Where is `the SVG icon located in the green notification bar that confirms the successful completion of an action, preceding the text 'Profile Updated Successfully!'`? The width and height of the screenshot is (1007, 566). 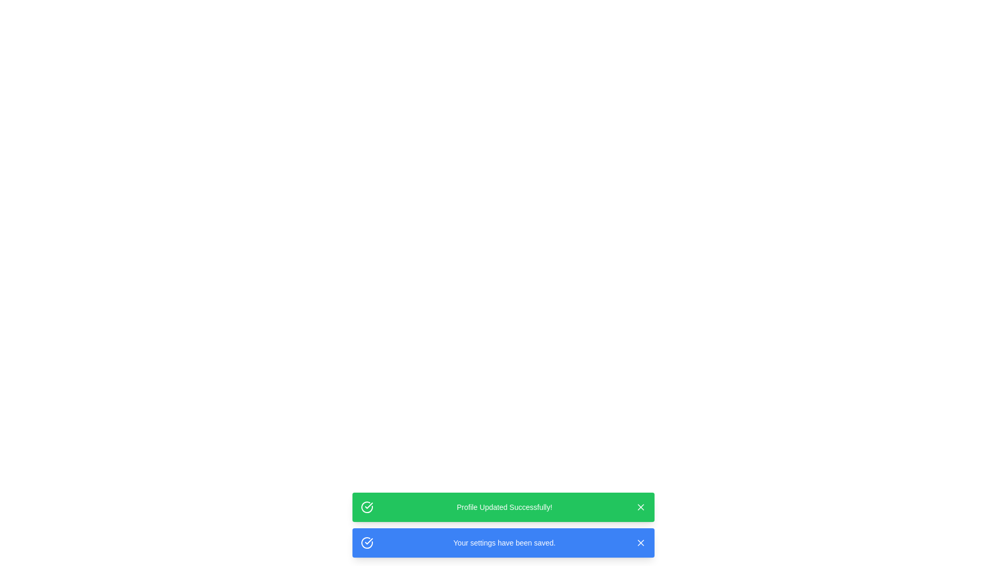
the SVG icon located in the green notification bar that confirms the successful completion of an action, preceding the text 'Profile Updated Successfully!' is located at coordinates (367, 507).